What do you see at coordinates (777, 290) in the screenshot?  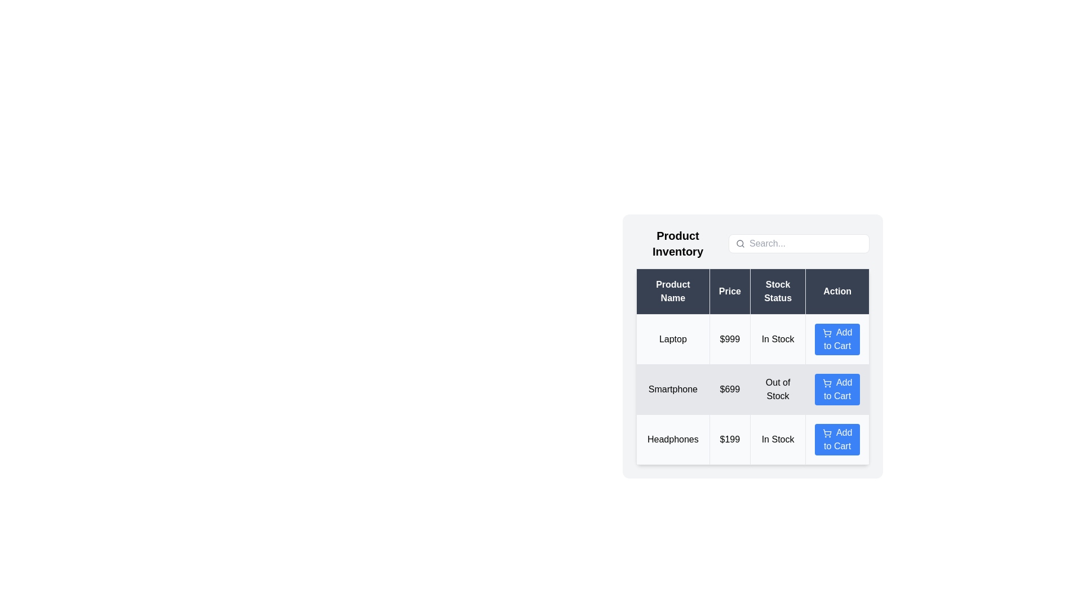 I see `the column header Stock Status to sort the table by that column` at bounding box center [777, 290].